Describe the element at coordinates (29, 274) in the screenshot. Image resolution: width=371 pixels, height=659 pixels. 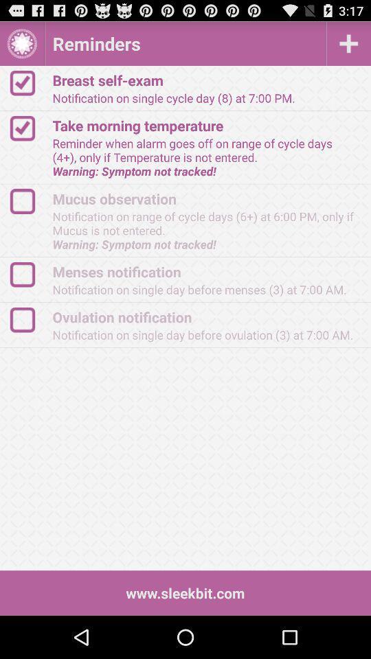
I see `check box` at that location.